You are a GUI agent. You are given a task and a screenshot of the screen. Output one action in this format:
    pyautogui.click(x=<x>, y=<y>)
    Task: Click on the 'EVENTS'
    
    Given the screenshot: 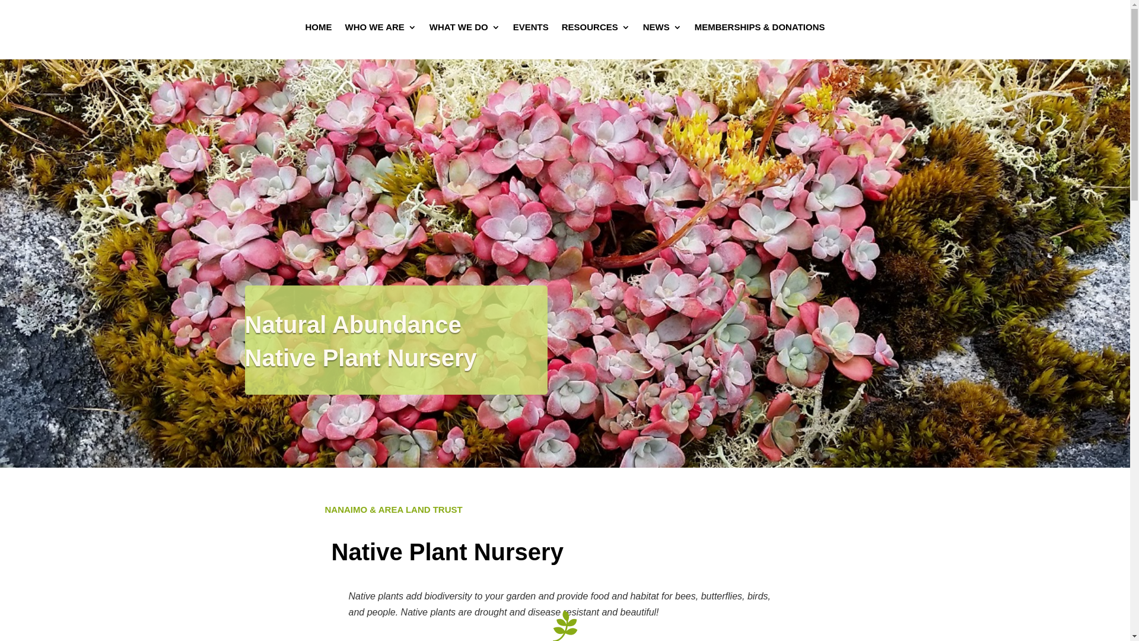 What is the action you would take?
    pyautogui.click(x=530, y=29)
    